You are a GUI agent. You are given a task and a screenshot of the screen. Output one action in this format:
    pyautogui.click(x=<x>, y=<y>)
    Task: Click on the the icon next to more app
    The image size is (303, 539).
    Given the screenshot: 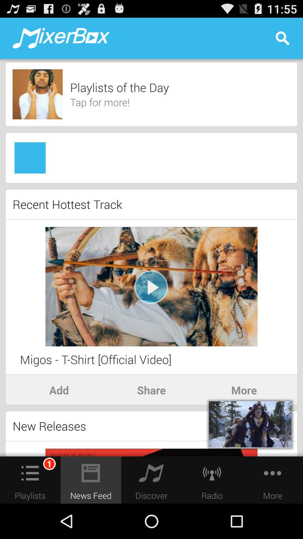 What is the action you would take?
    pyautogui.click(x=151, y=390)
    